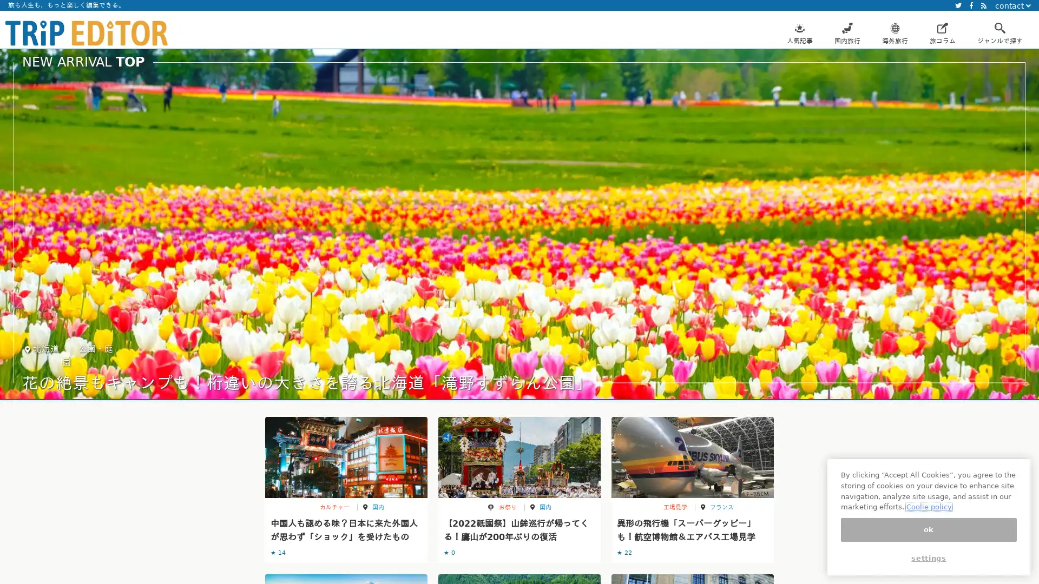 Image resolution: width=1039 pixels, height=584 pixels. Describe the element at coordinates (928, 559) in the screenshot. I see `settings` at that location.